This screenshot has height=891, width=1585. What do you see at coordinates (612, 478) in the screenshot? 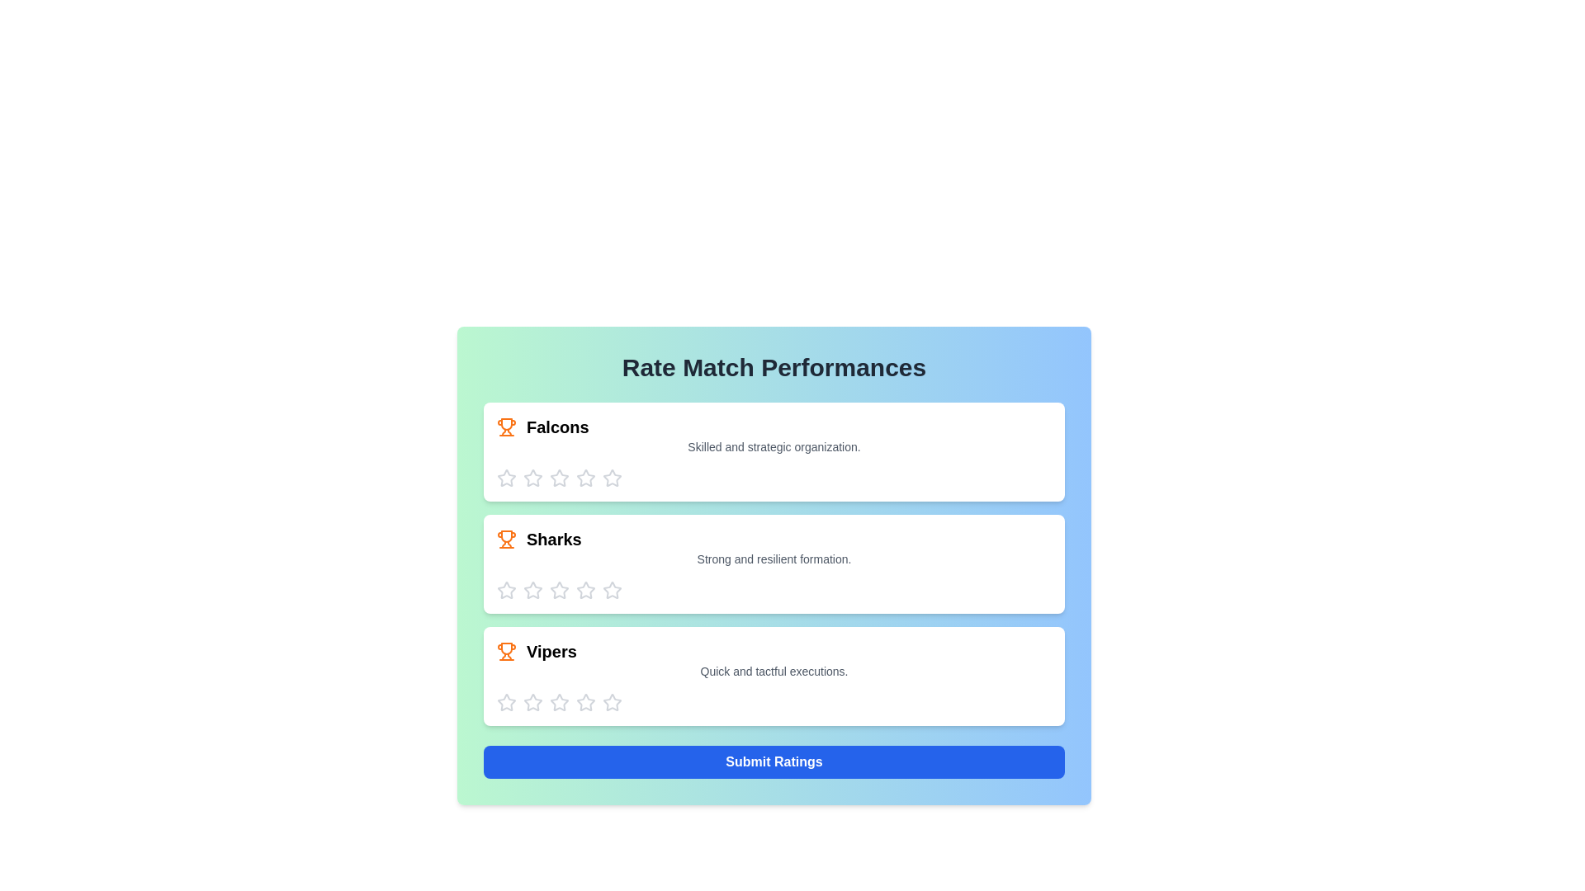
I see `the Falcons team's 5 star to set the rating` at bounding box center [612, 478].